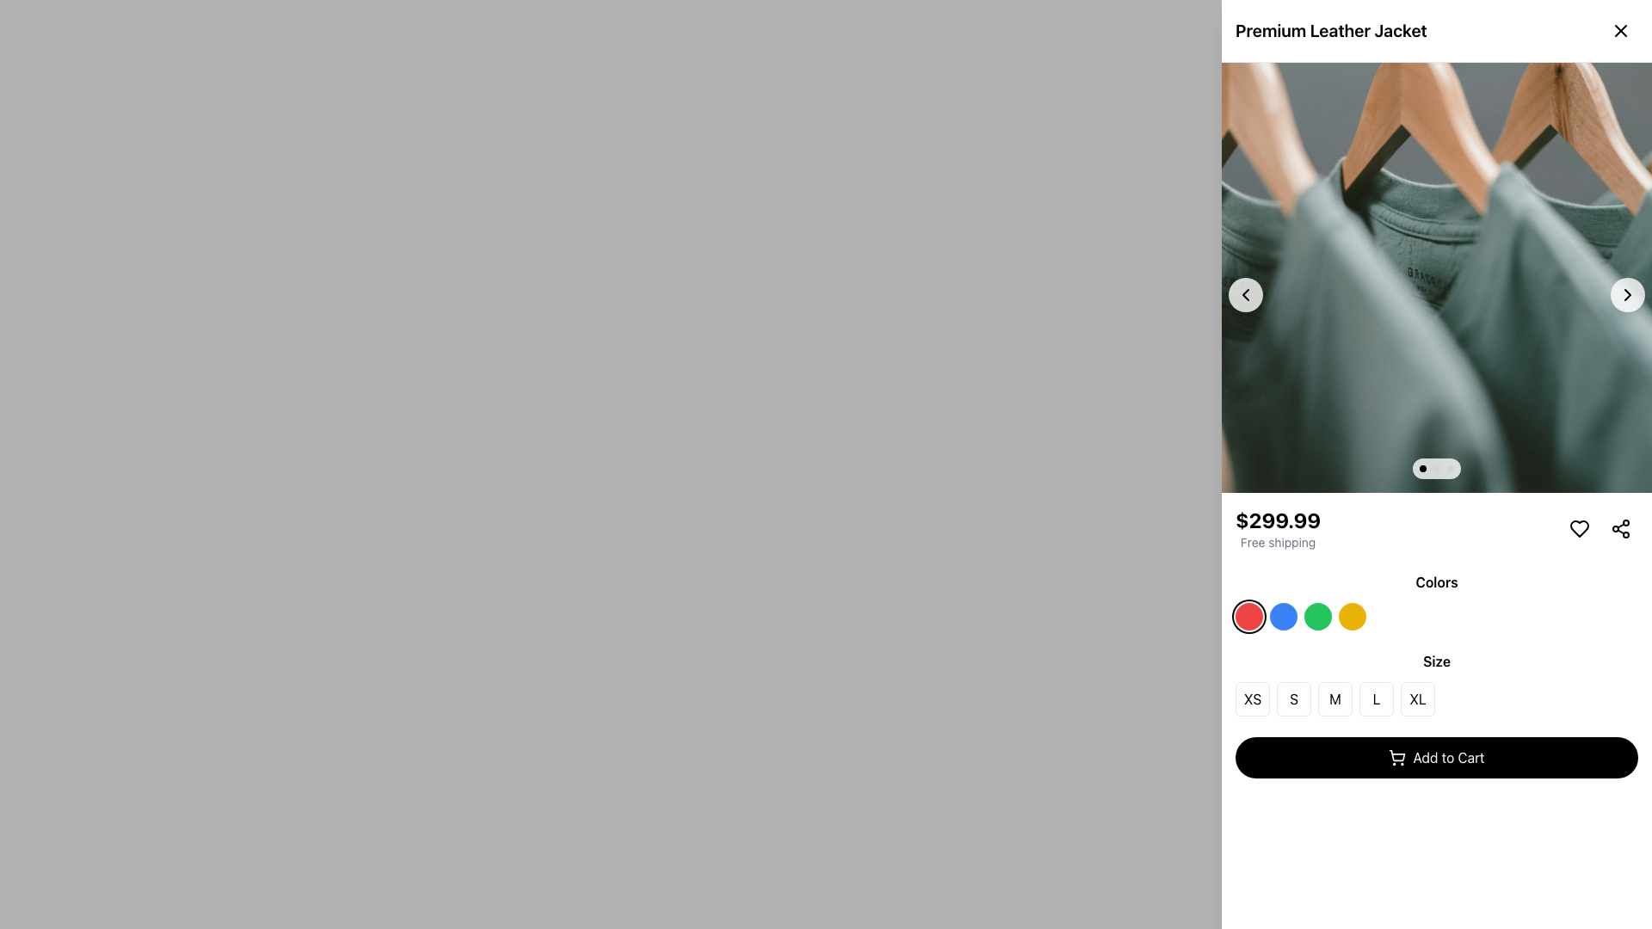  What do you see at coordinates (1437, 468) in the screenshot?
I see `the second dot in the page indicator` at bounding box center [1437, 468].